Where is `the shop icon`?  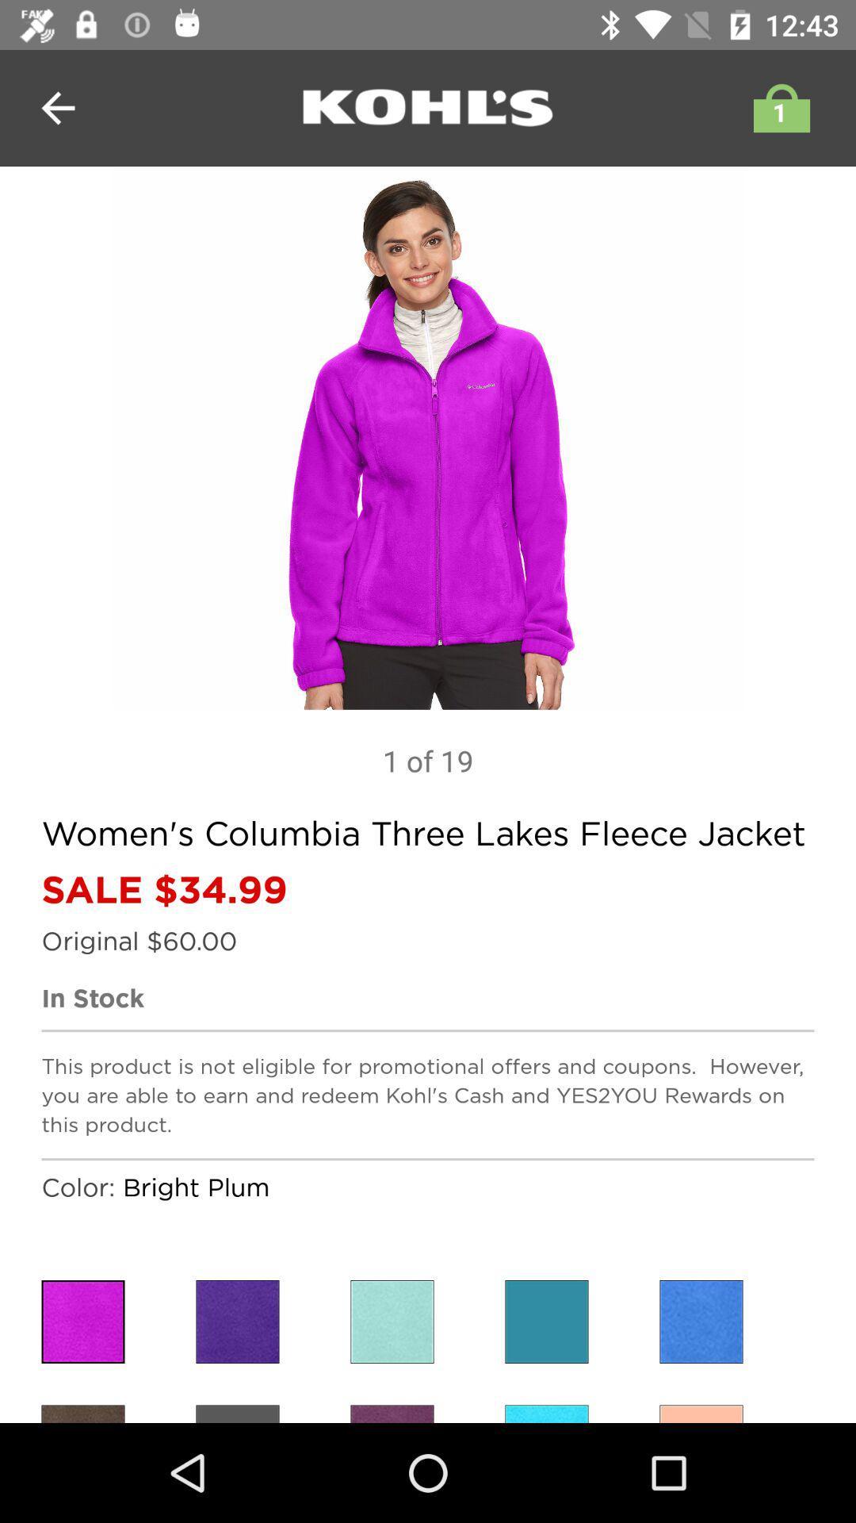
the shop icon is located at coordinates (777, 107).